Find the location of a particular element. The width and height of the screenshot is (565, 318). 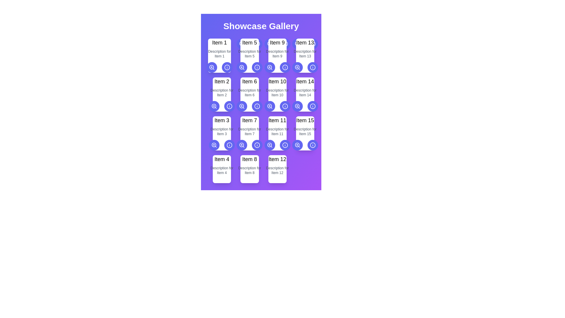

the information icon located in the bottom right corner of the grid under the panel labeled 'Item 15' is located at coordinates (312, 145).